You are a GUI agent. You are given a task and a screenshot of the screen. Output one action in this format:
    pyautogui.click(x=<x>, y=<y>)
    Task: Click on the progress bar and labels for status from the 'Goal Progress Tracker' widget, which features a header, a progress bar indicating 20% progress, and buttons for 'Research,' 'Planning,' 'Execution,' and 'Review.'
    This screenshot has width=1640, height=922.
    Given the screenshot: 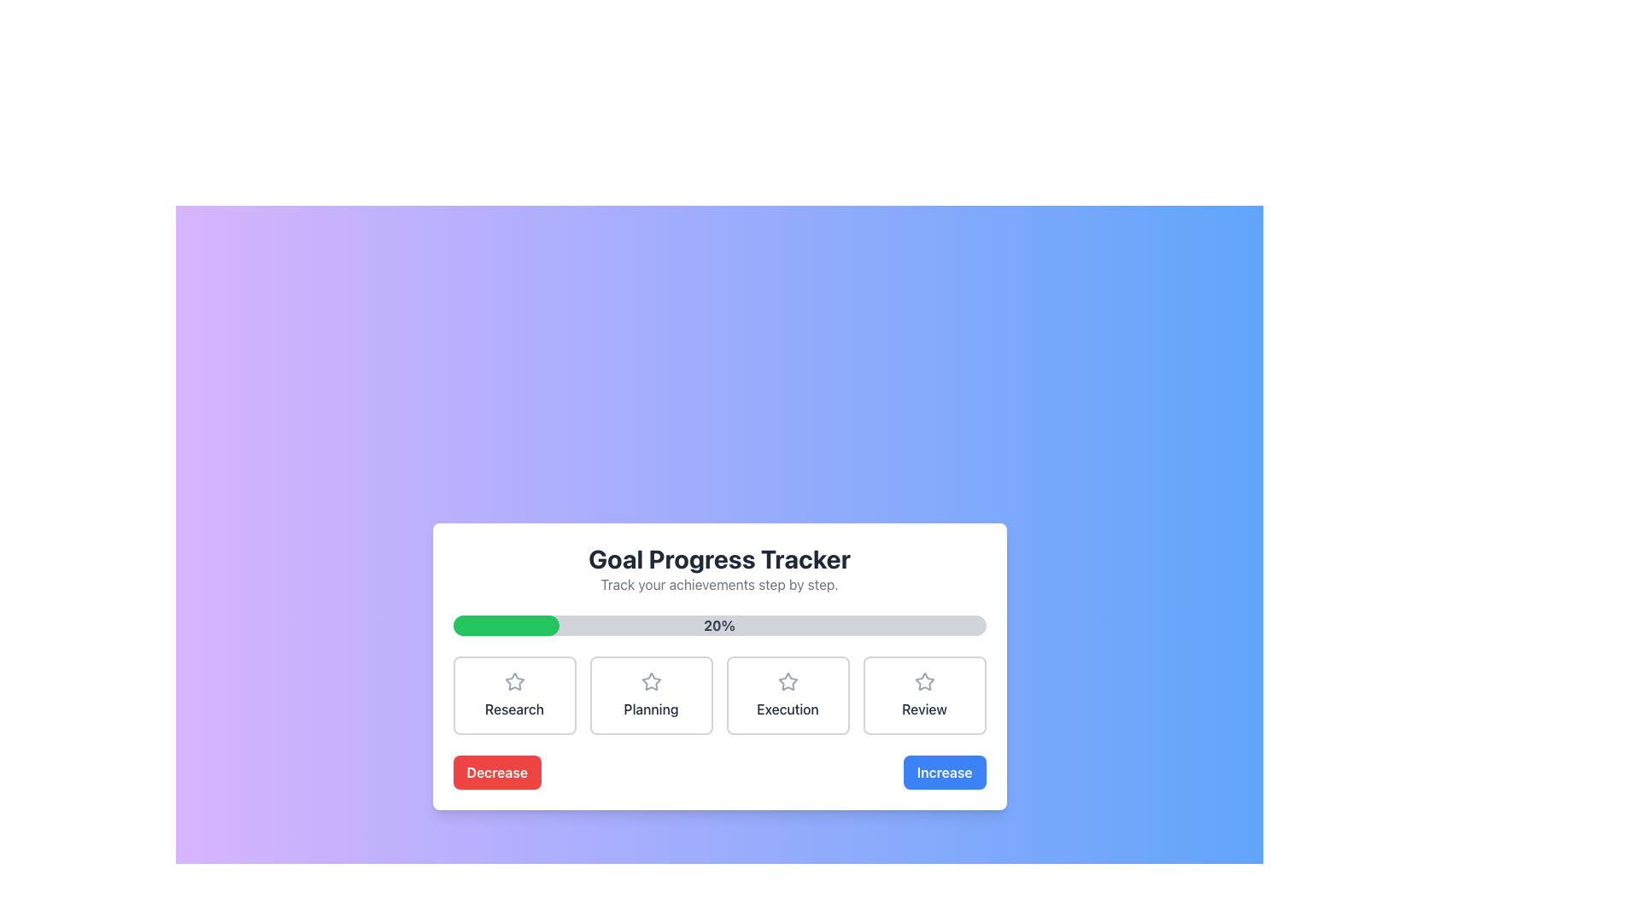 What is the action you would take?
    pyautogui.click(x=719, y=665)
    